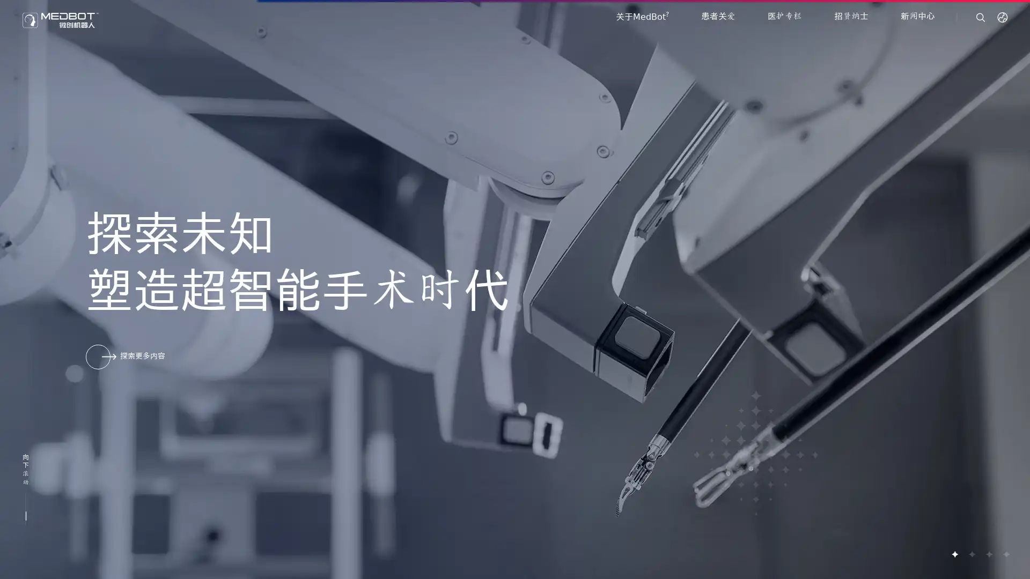 Image resolution: width=1030 pixels, height=579 pixels. What do you see at coordinates (988, 554) in the screenshot?
I see `Go to slide 3` at bounding box center [988, 554].